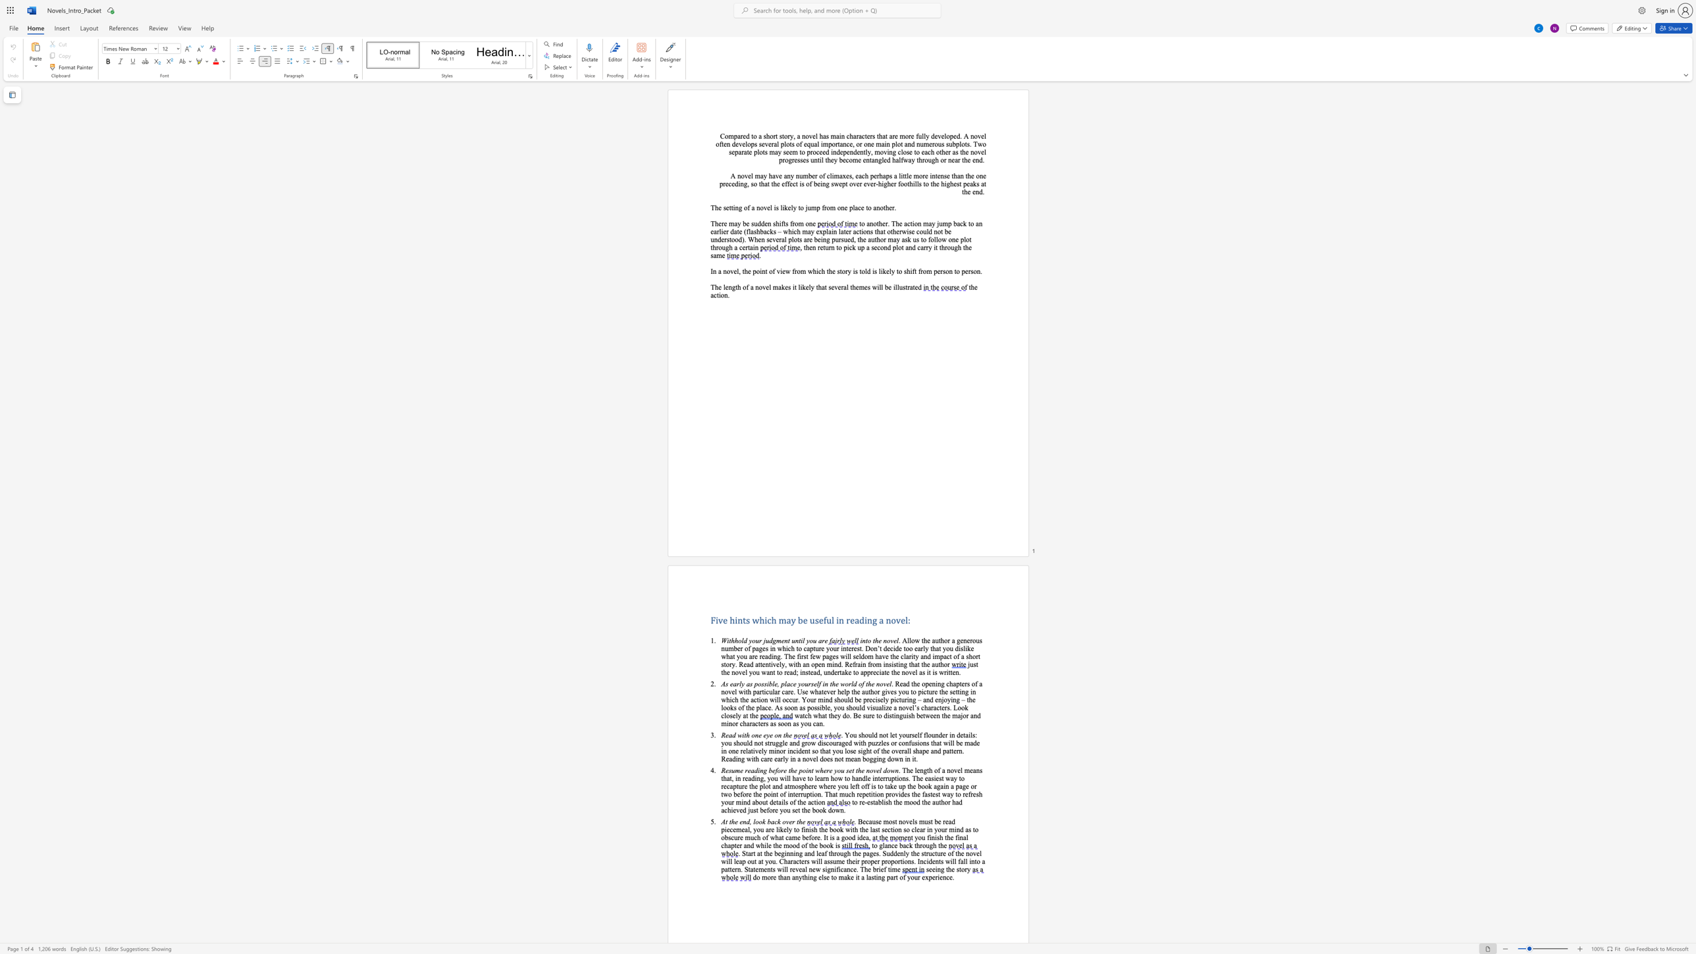 This screenshot has width=1696, height=954. I want to click on the subset text "rst few pages will seldom have the clarity and impact of a short story. Read attentively, with an open mind. Refrain from insisti" within the text "decide too early that you dislike what you are reading. The first few pages will seldom have the clarity and impact of a short story. Read attentively, with an open mind. Refrain from insisting that the author", so click(801, 656).